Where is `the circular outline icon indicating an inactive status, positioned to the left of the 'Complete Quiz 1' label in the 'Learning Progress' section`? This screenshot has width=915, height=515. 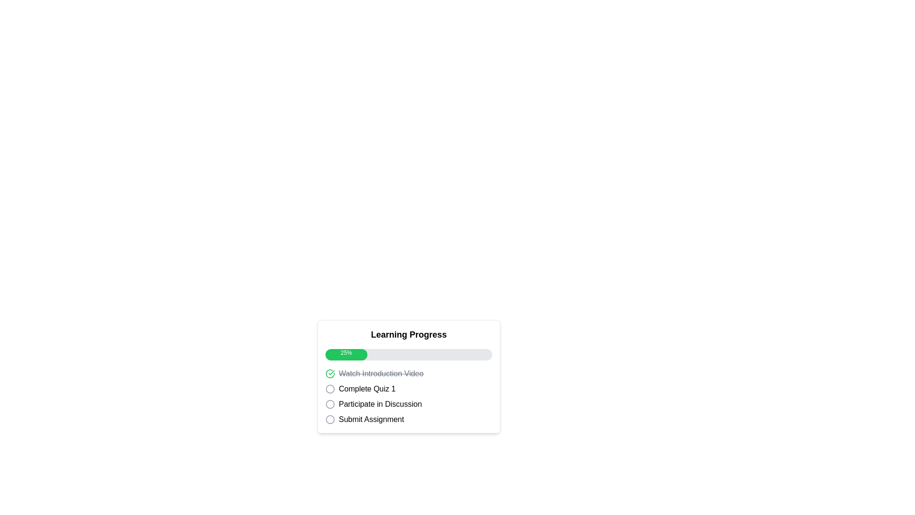
the circular outline icon indicating an inactive status, positioned to the left of the 'Complete Quiz 1' label in the 'Learning Progress' section is located at coordinates (330, 389).